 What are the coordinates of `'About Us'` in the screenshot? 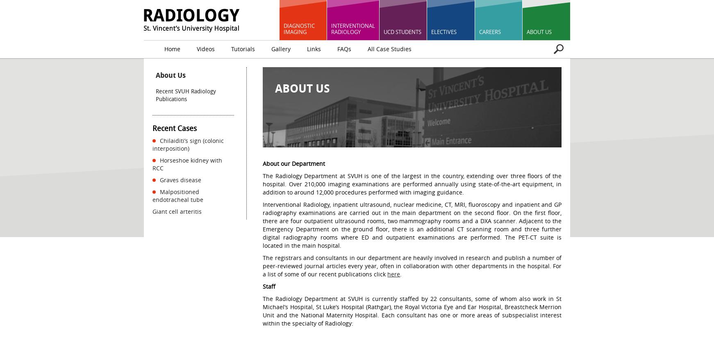 It's located at (302, 88).